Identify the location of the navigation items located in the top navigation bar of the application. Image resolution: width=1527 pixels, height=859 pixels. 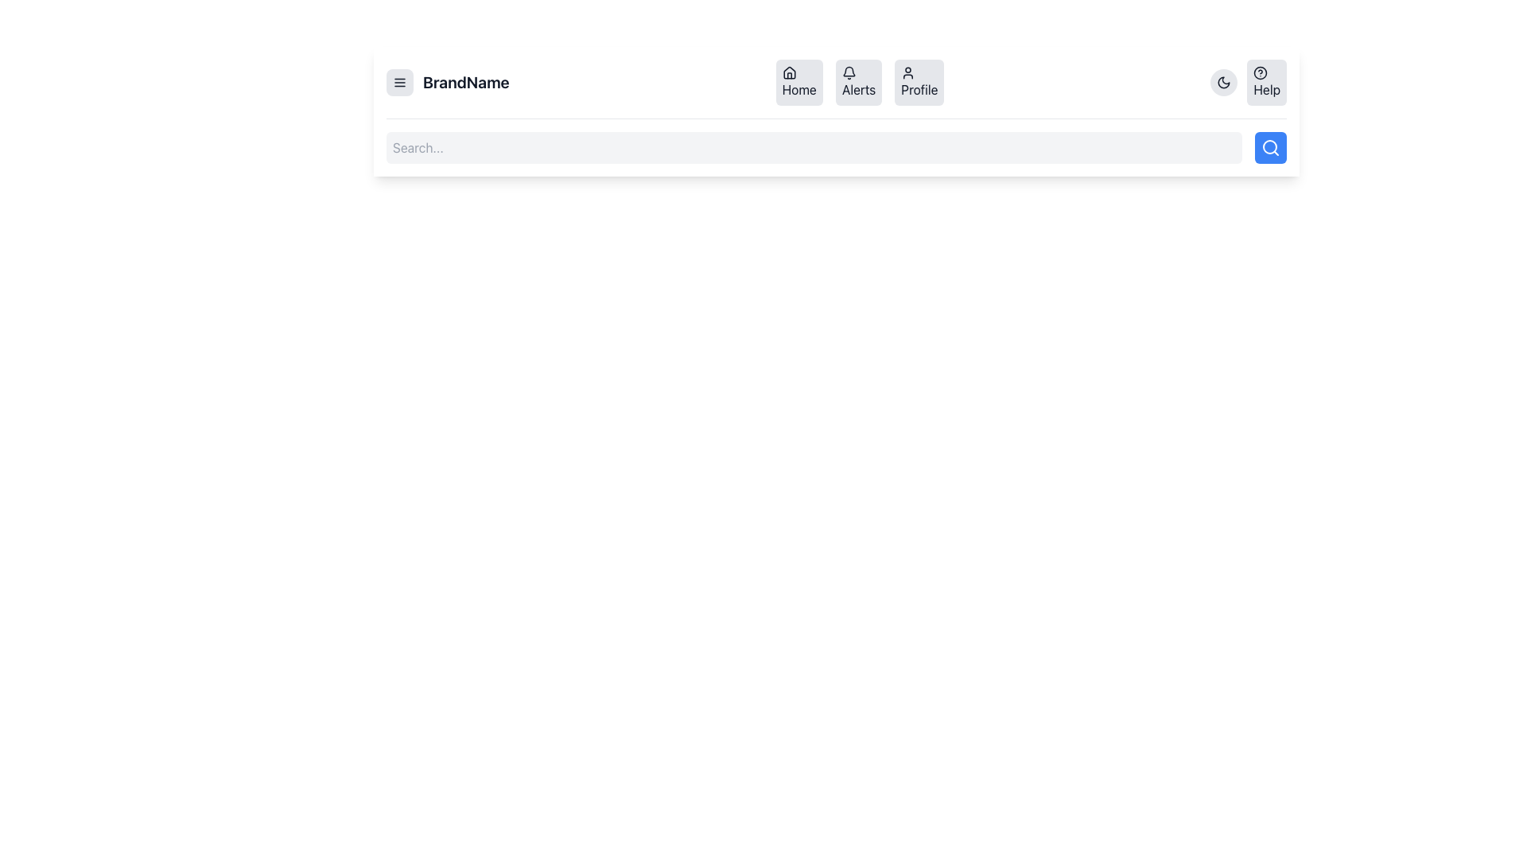
(835, 83).